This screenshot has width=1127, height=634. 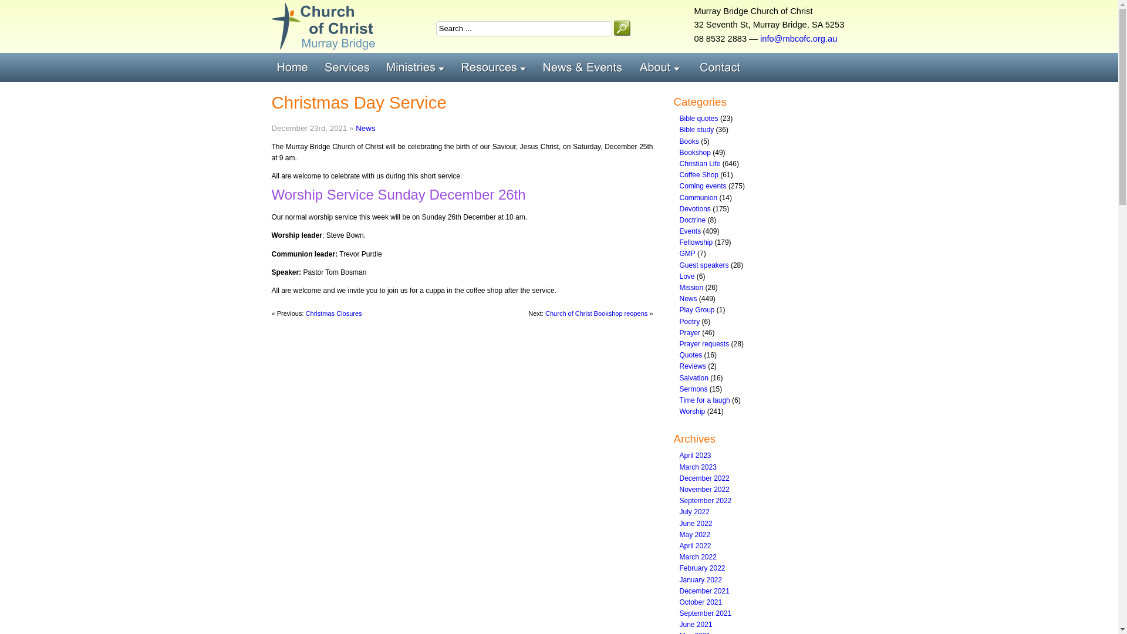 I want to click on 'Quotes', so click(x=691, y=355).